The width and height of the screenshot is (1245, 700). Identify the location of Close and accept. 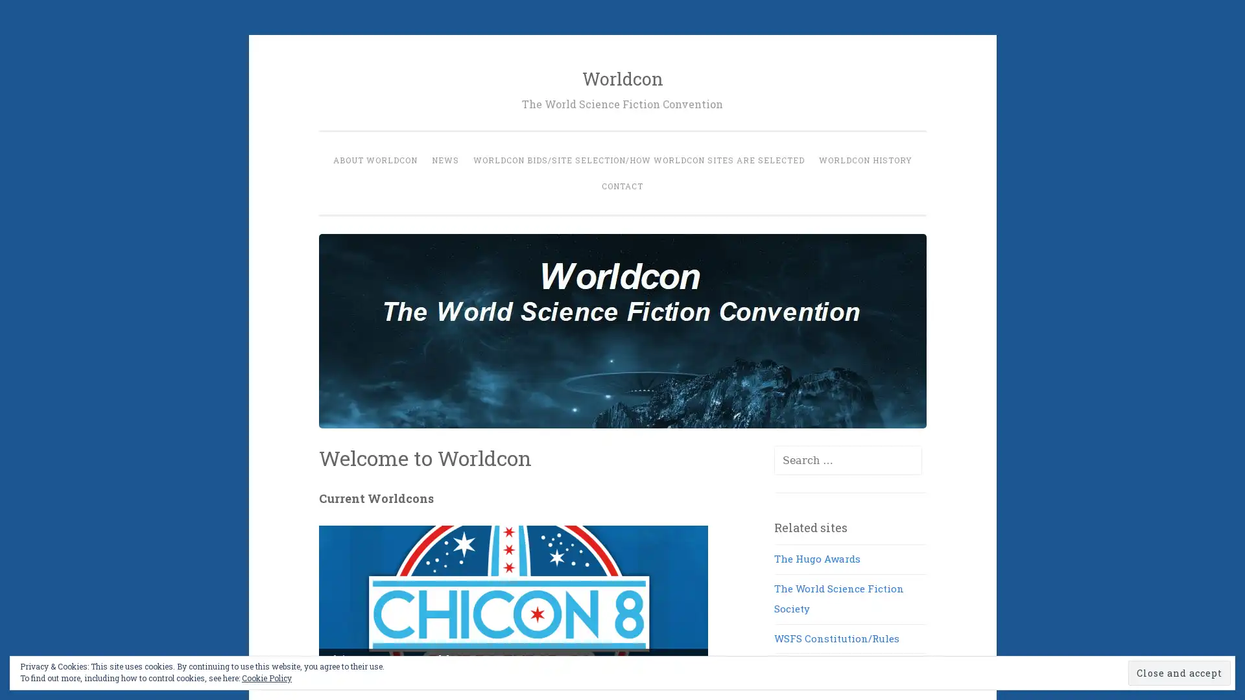
(1180, 672).